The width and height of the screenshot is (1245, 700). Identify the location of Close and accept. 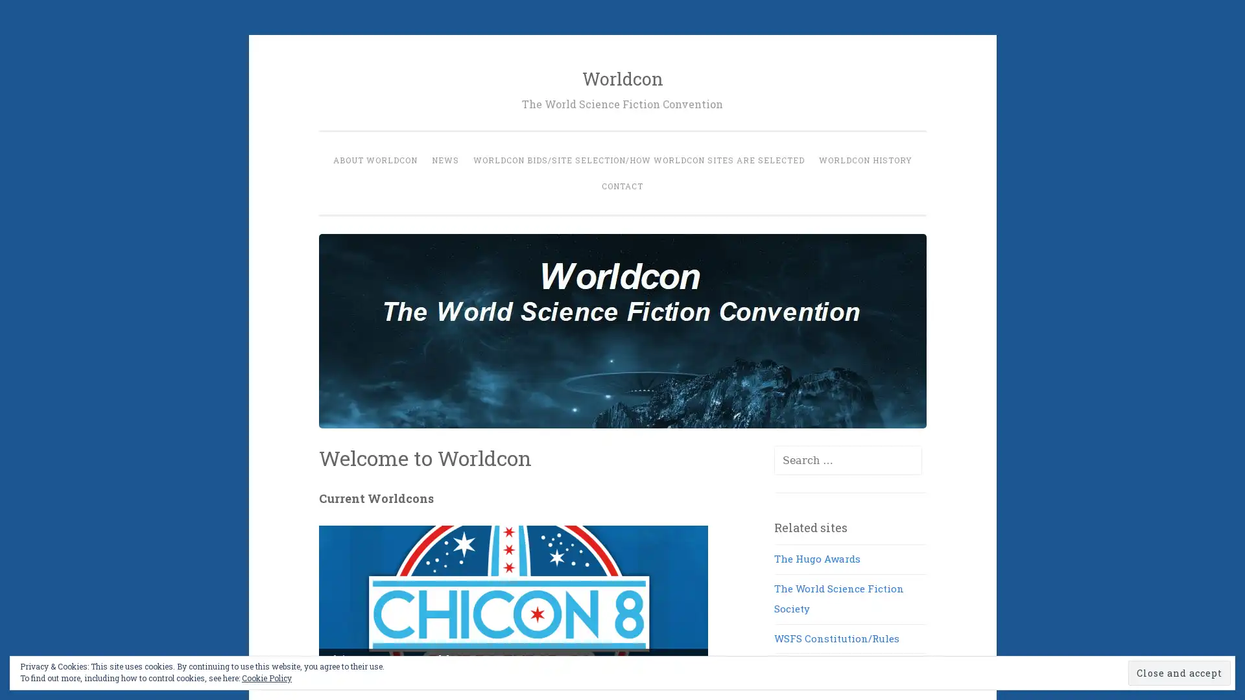
(1180, 672).